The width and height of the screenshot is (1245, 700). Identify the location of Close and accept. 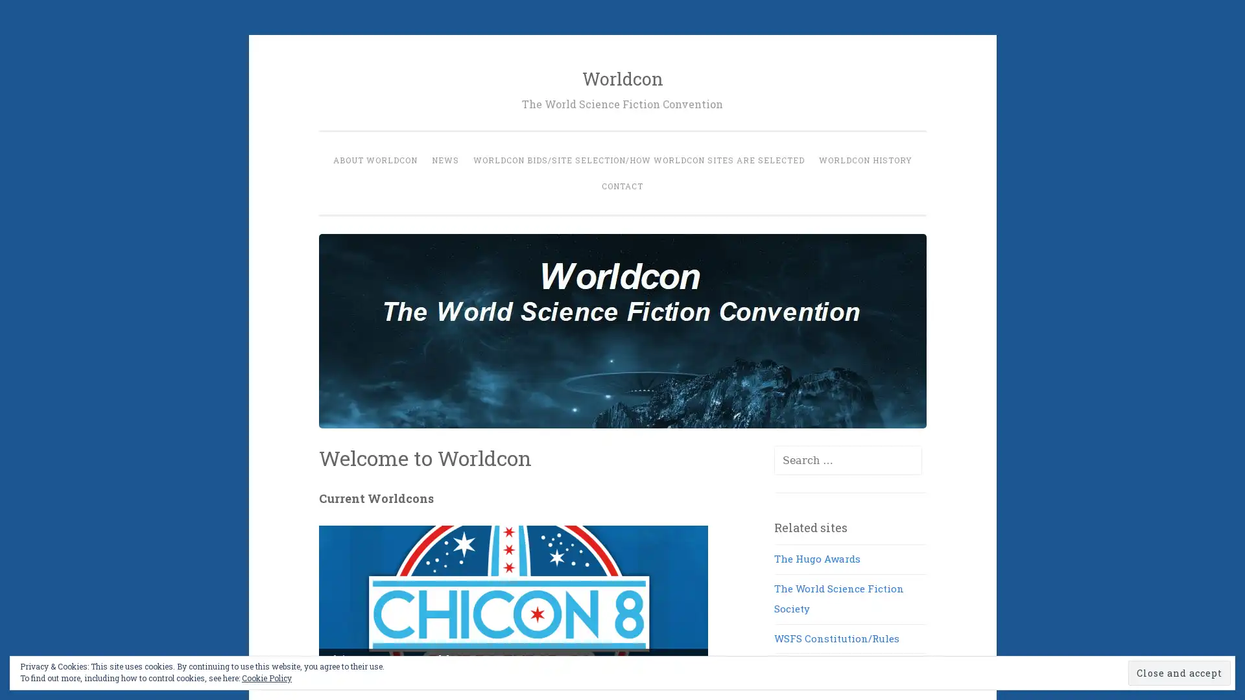
(1180, 672).